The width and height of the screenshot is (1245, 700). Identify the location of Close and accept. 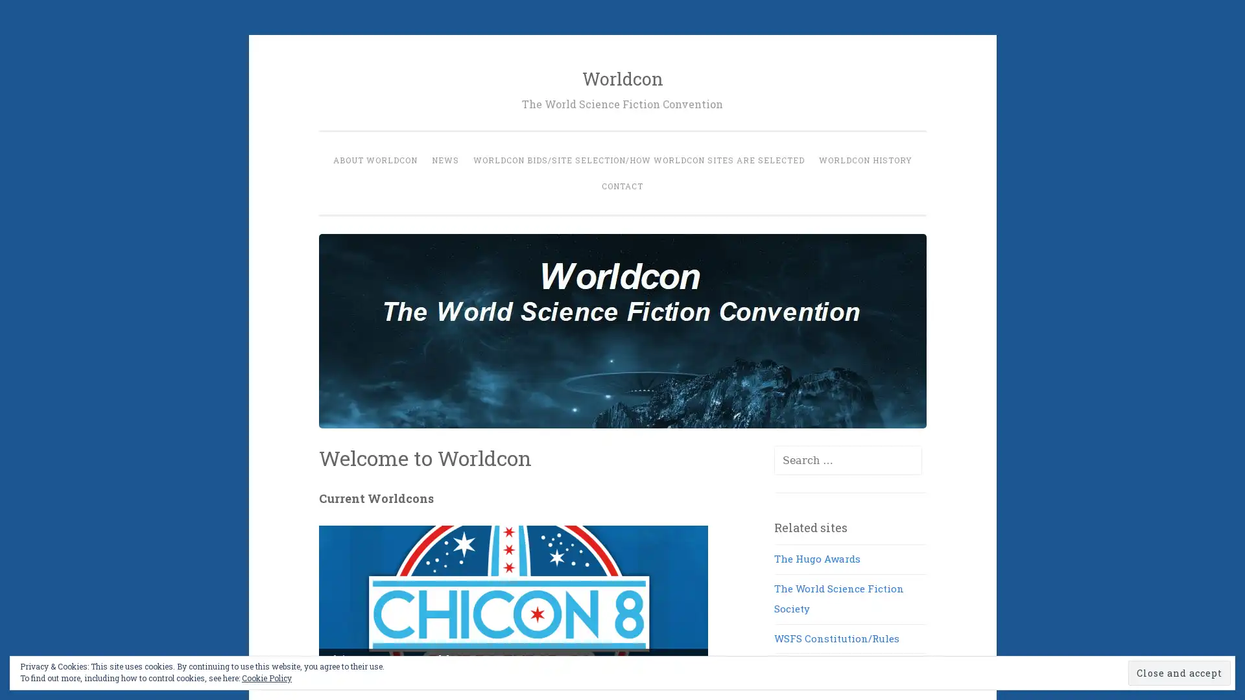
(1180, 672).